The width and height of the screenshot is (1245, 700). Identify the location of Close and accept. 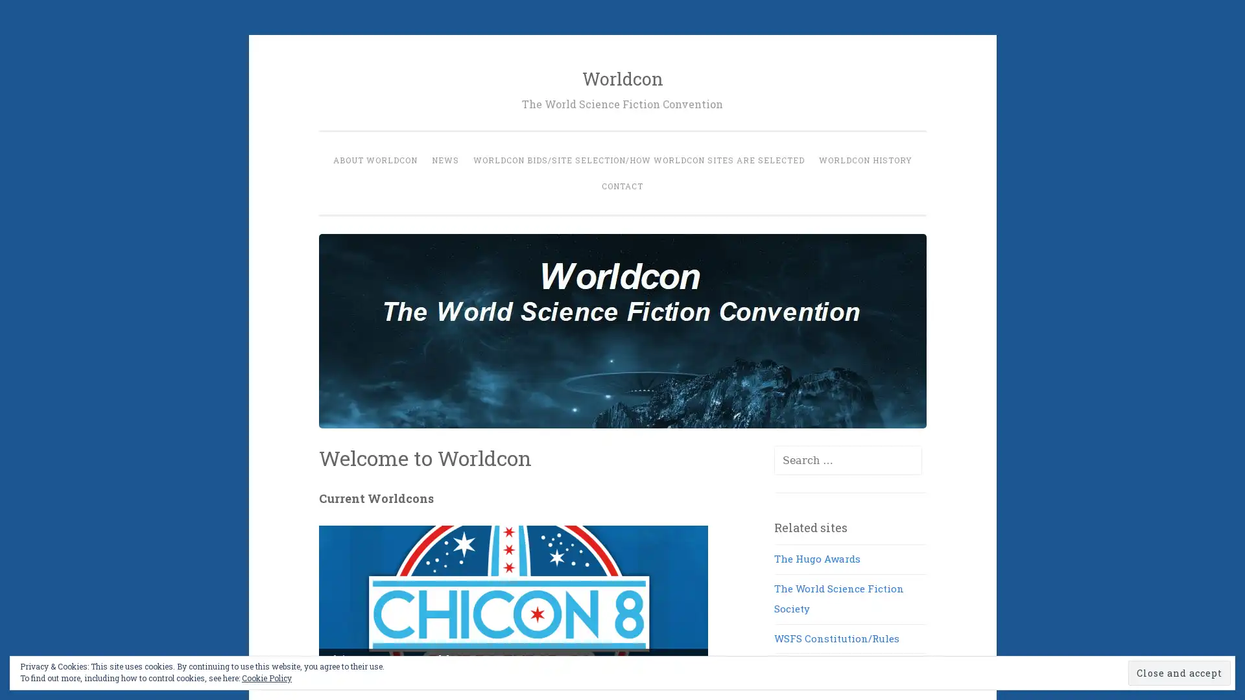
(1180, 672).